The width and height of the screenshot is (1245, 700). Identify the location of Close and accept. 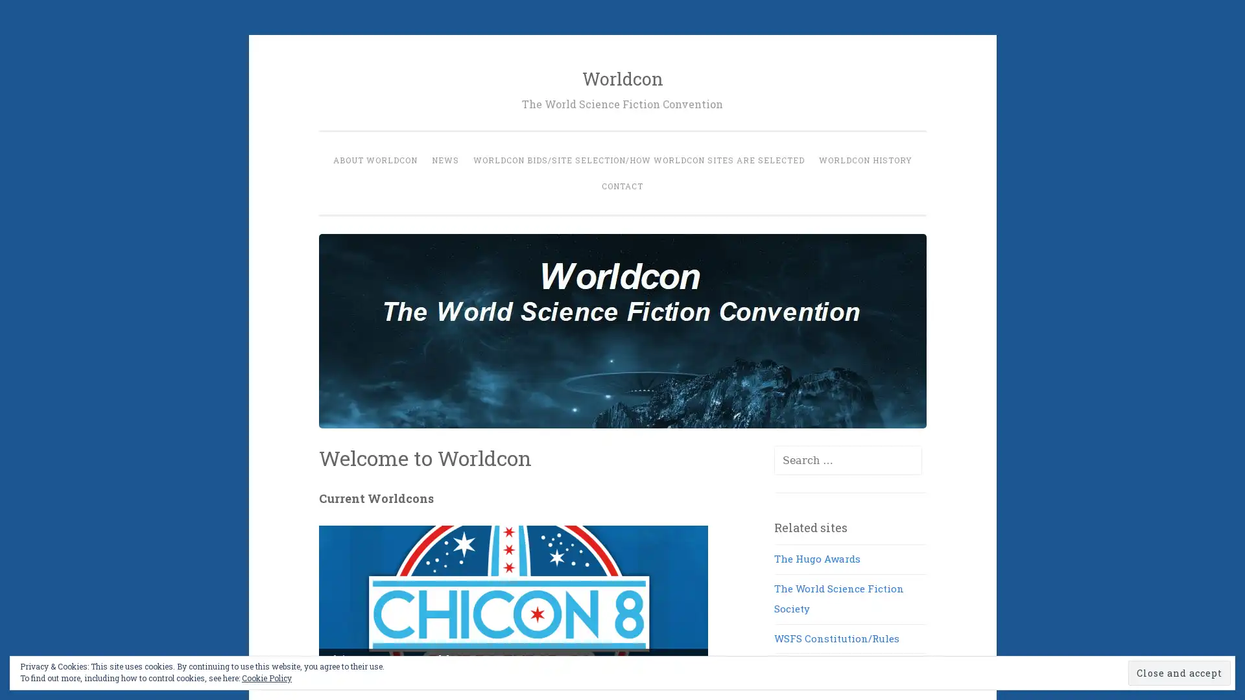
(1180, 672).